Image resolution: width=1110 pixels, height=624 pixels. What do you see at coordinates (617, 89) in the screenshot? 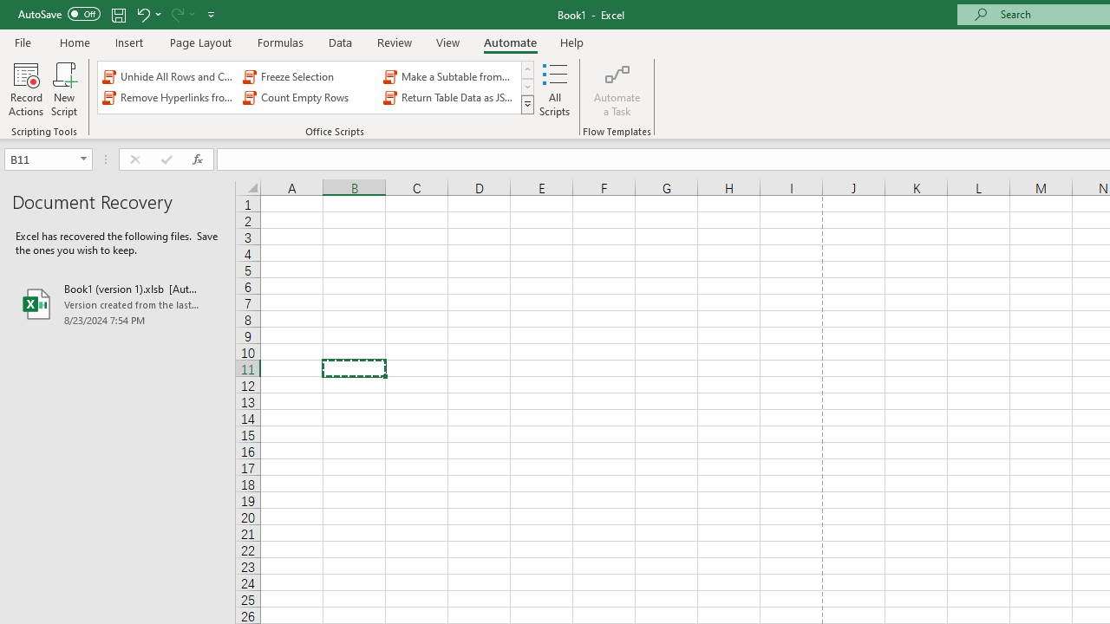
I see `'Automate a Task'` at bounding box center [617, 89].